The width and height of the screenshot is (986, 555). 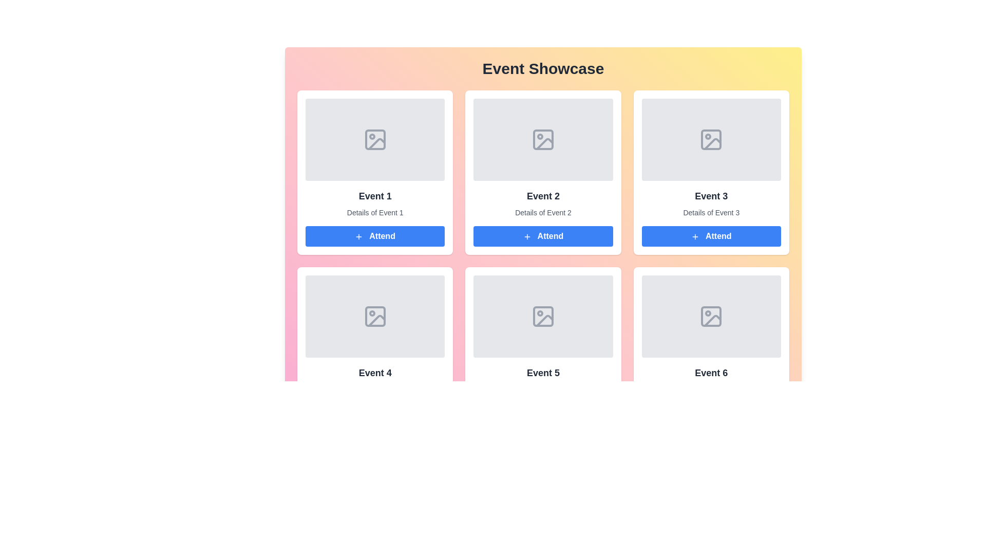 I want to click on the card with an interactive button located in the bottom-right corner of the grid layout, so click(x=711, y=348).